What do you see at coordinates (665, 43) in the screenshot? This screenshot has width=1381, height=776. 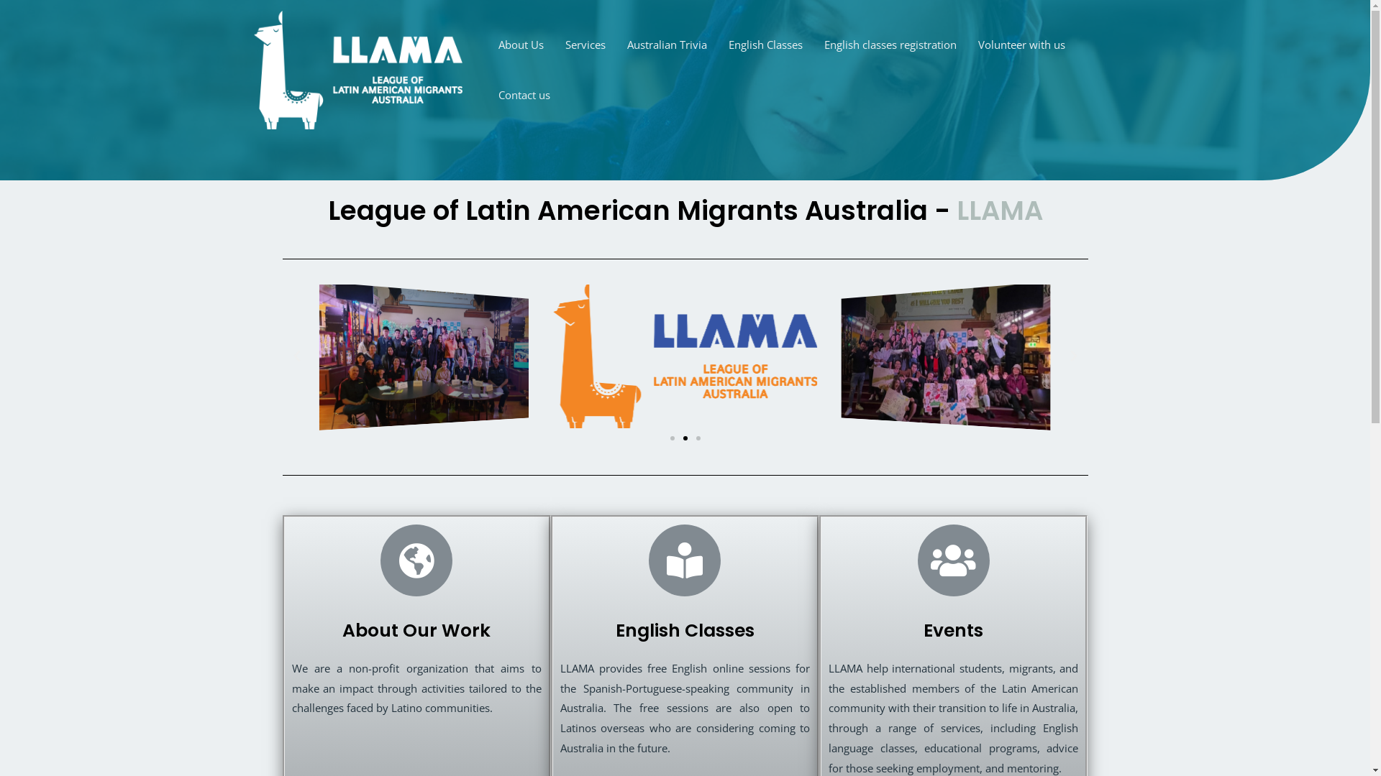 I see `'Australian Trivia'` at bounding box center [665, 43].